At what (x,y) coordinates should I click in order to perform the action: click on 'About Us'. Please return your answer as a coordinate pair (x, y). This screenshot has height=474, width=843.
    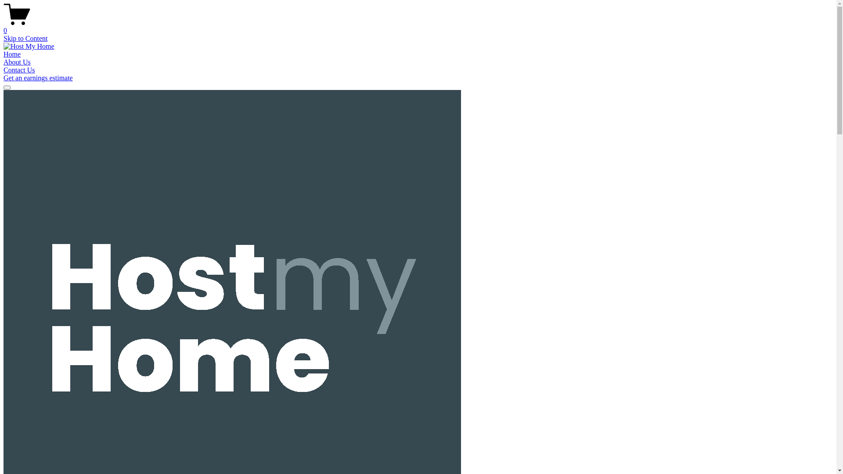
    Looking at the image, I should click on (4, 61).